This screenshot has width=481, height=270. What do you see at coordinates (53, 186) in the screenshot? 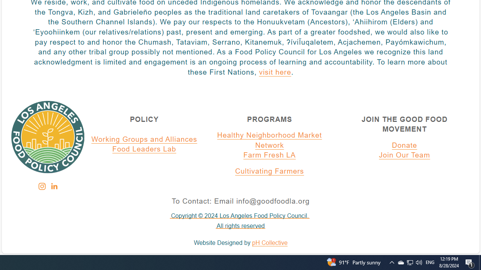
I see `'LinkedIn'` at bounding box center [53, 186].